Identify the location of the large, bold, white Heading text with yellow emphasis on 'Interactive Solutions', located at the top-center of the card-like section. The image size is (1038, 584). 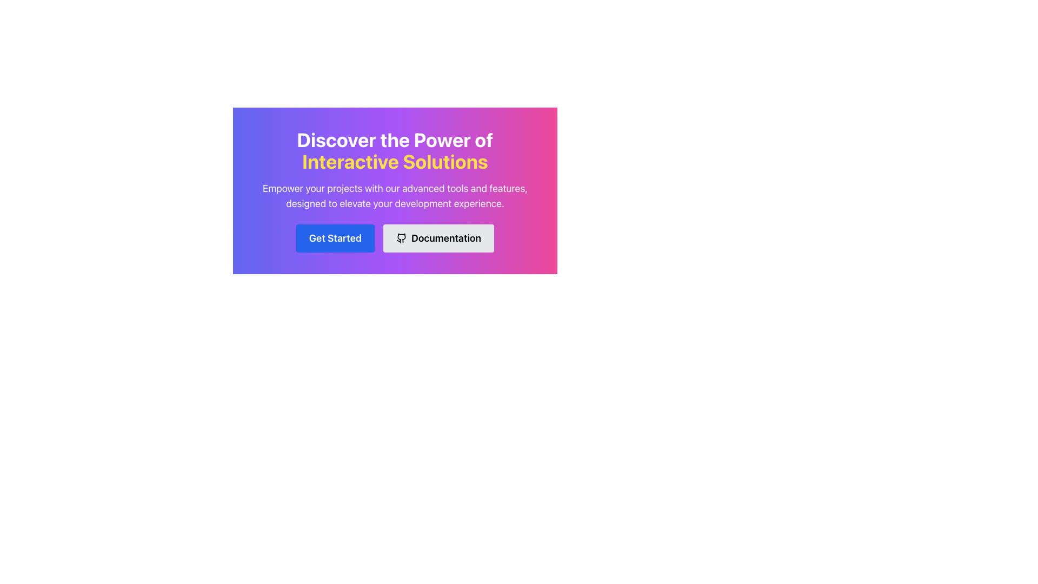
(394, 150).